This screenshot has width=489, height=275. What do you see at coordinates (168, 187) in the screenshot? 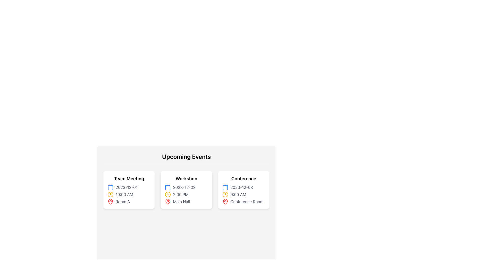
I see `the calendar icon with a blue outline located to the left of the date '2023-12-02' in the 'Workshop' grid layout` at bounding box center [168, 187].